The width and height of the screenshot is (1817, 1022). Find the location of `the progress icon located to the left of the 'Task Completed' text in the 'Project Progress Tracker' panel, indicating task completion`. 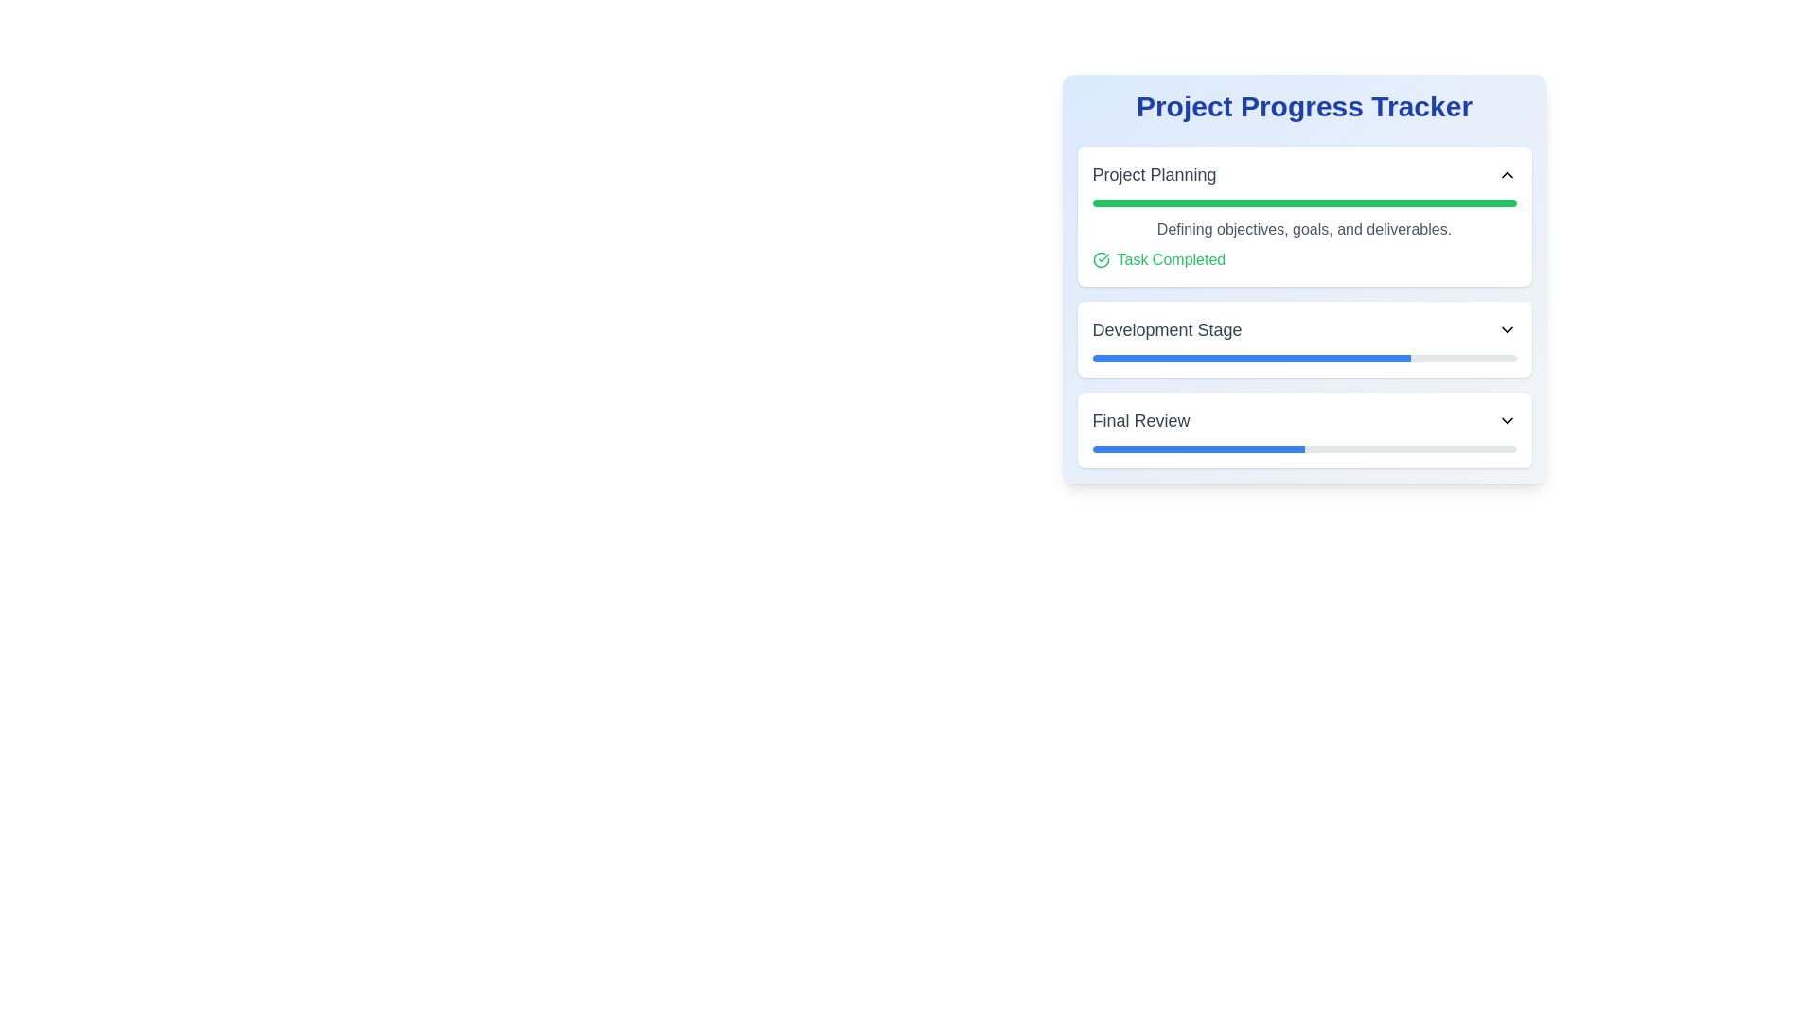

the progress icon located to the left of the 'Task Completed' text in the 'Project Progress Tracker' panel, indicating task completion is located at coordinates (1101, 259).